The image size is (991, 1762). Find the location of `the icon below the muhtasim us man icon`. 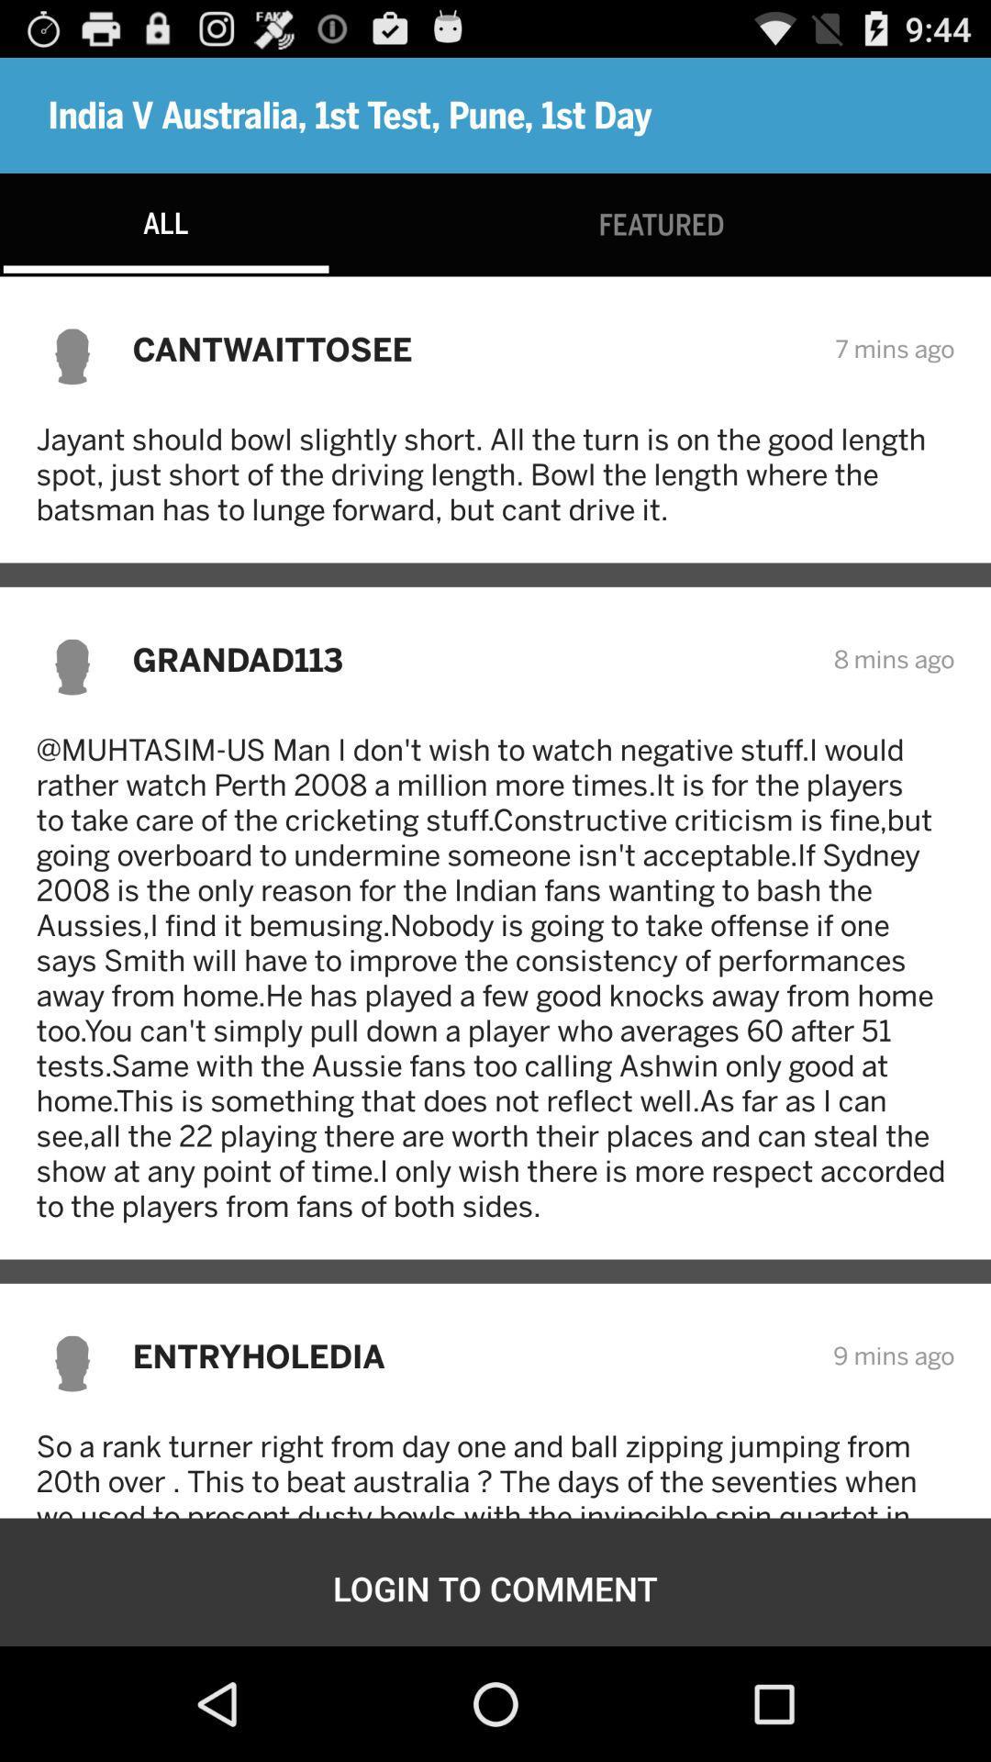

the icon below the muhtasim us man icon is located at coordinates (470, 1355).